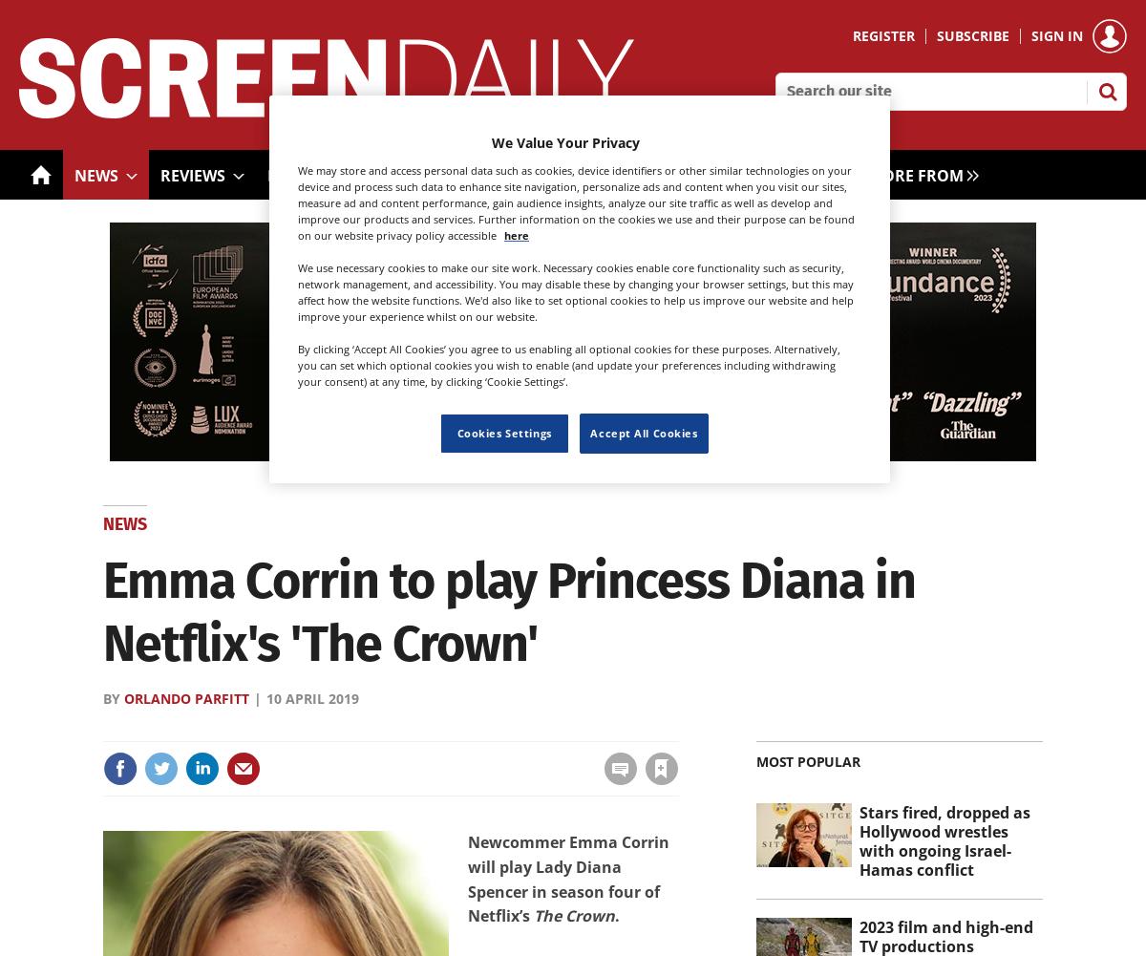  What do you see at coordinates (185, 697) in the screenshot?
I see `'Orlando Parfitt'` at bounding box center [185, 697].